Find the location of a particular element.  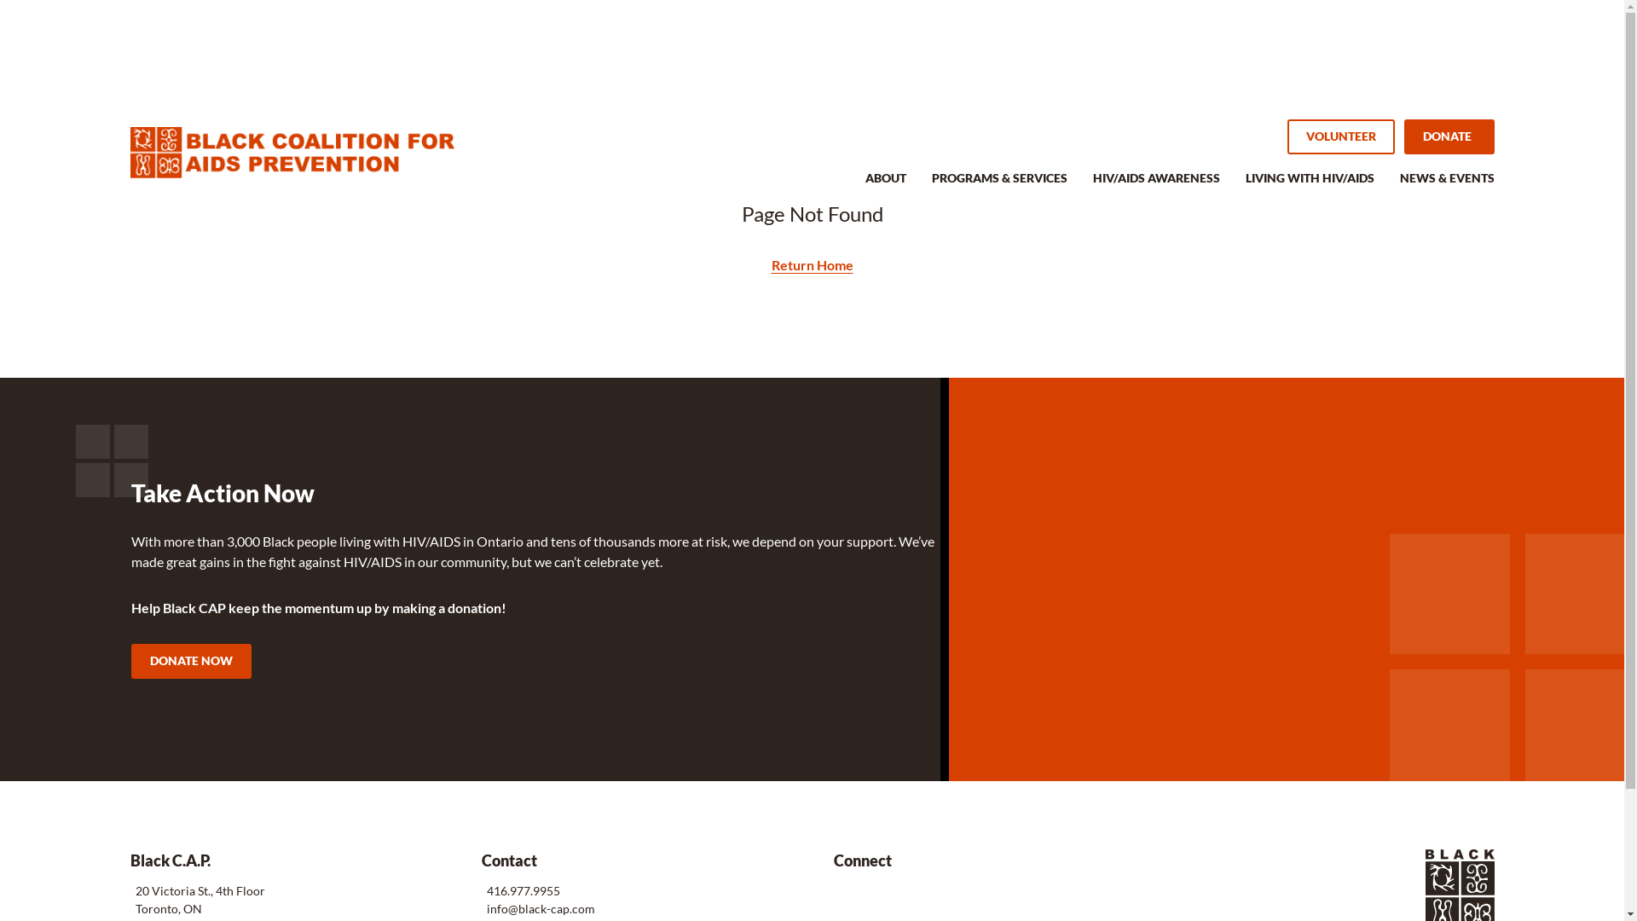

'ABOUT' is located at coordinates (864, 187).